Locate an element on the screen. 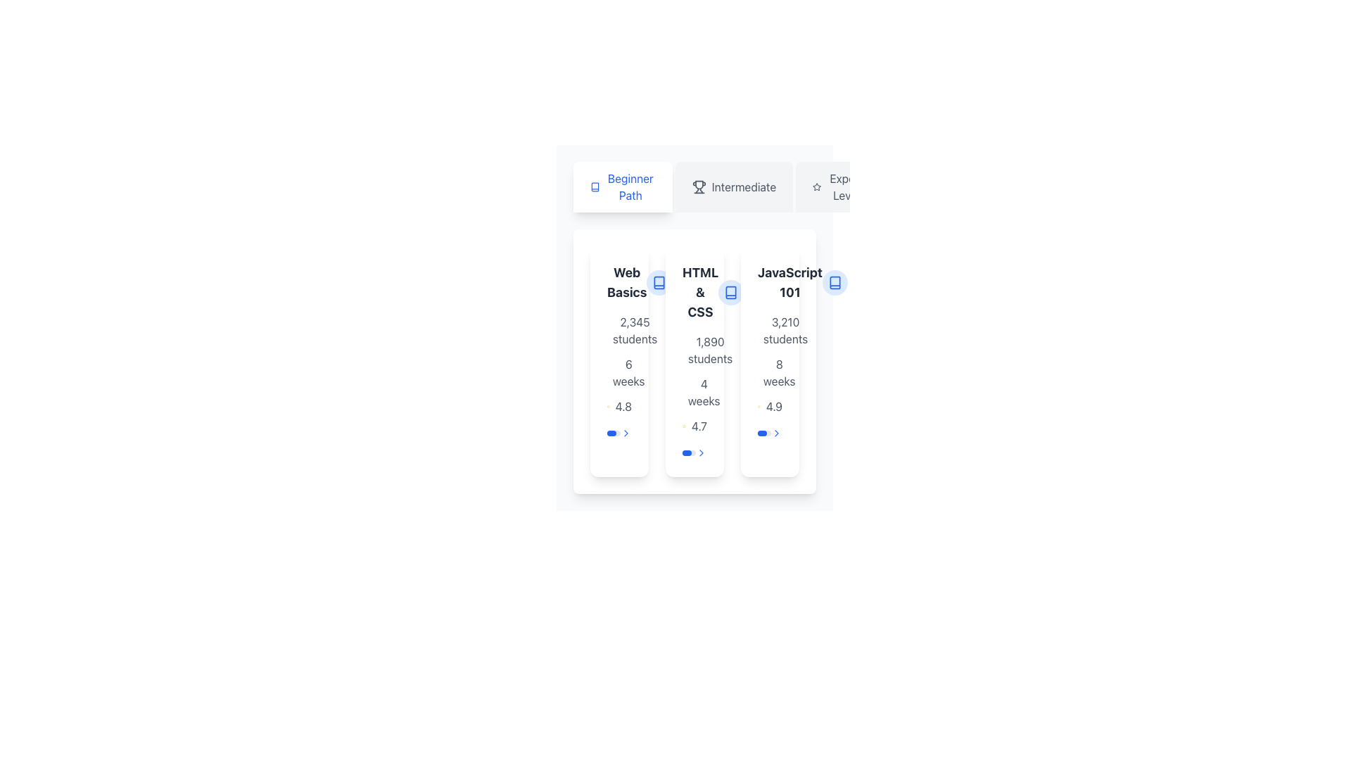 The image size is (1351, 760). the text label displaying '2,345 students', which is styled in a standard sans-serif font and located beneath the 'Web Basics' title in the main content area is located at coordinates (634, 331).